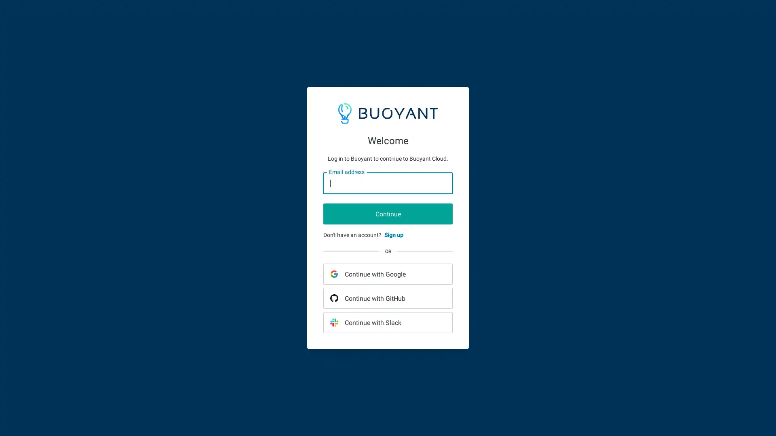 This screenshot has width=776, height=436. I want to click on Connection icon Continue with Slack, so click(388, 322).